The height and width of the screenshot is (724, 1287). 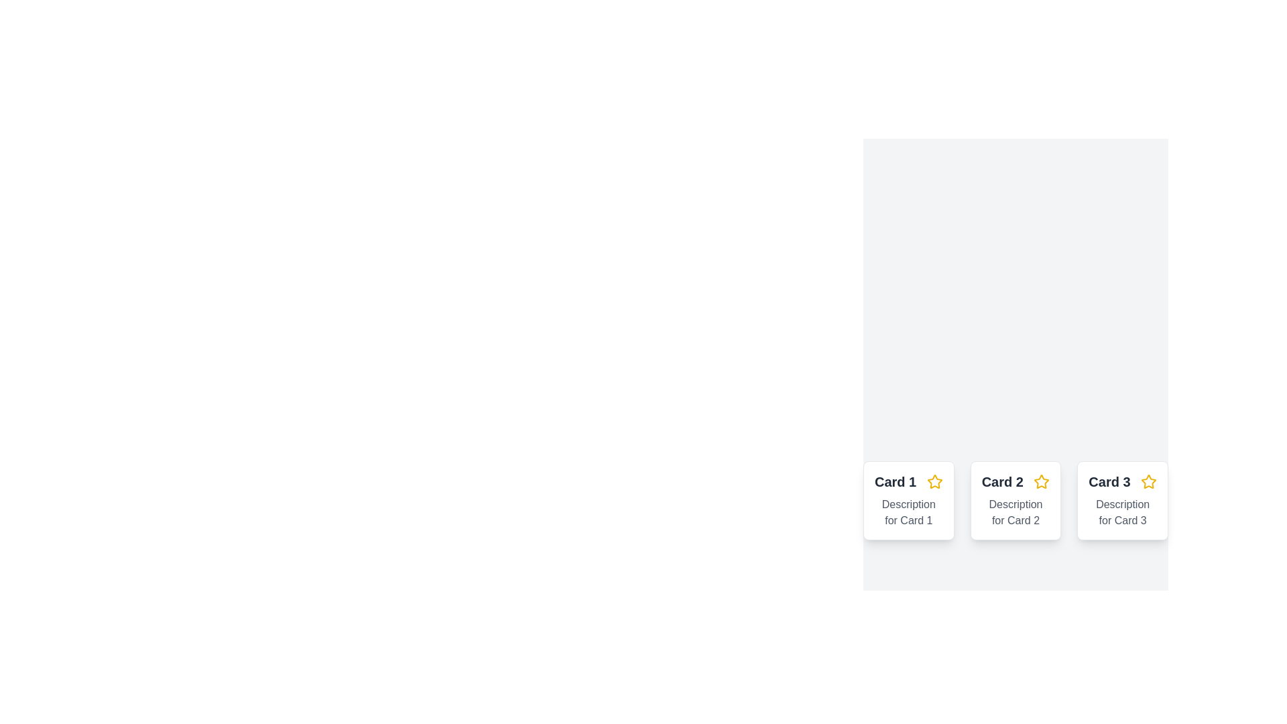 What do you see at coordinates (1041, 481) in the screenshot?
I see `the star icon located at the top of the second card in a three-card layout` at bounding box center [1041, 481].